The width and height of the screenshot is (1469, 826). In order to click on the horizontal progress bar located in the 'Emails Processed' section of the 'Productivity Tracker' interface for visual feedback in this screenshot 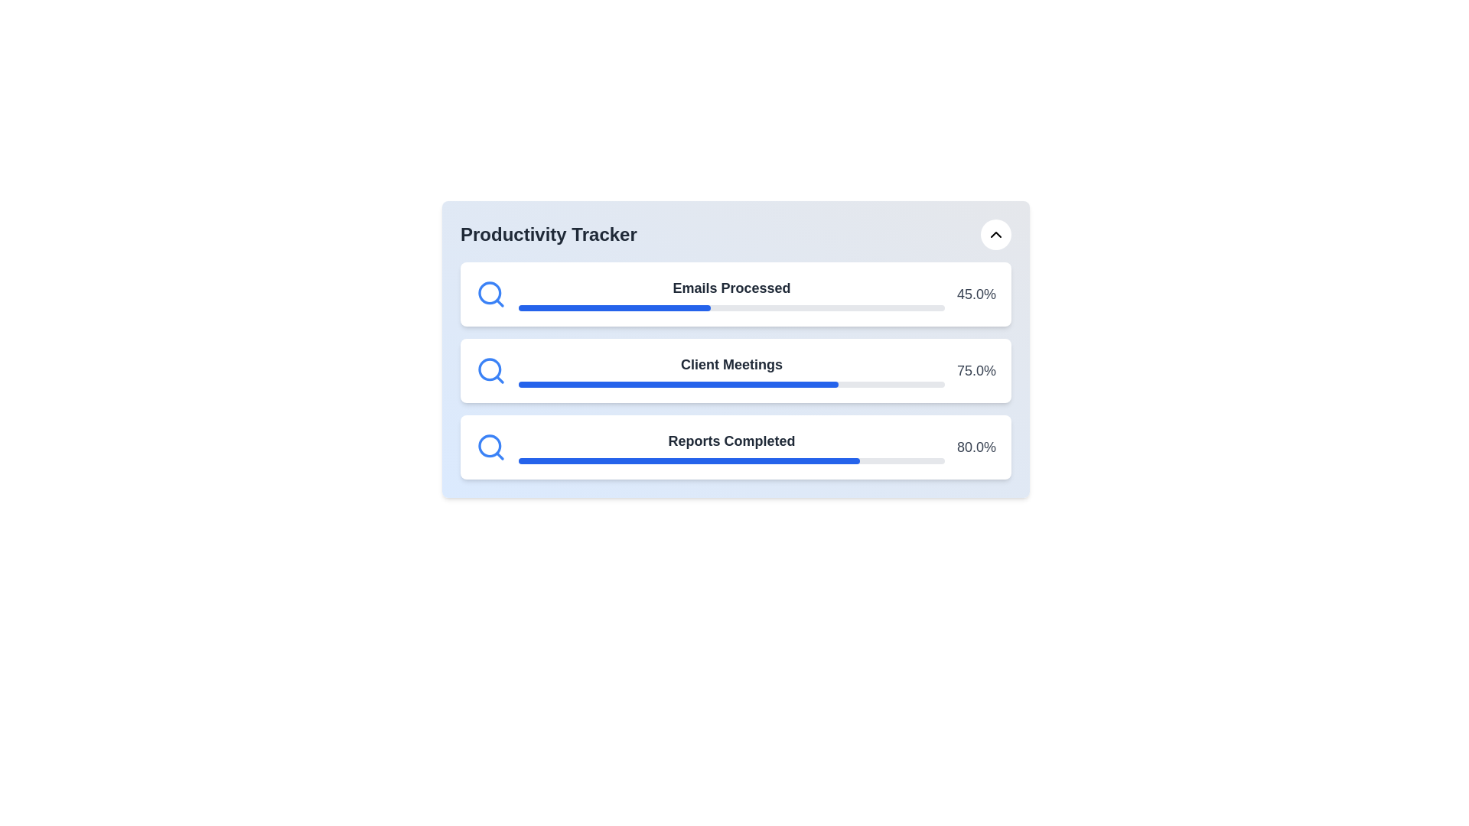, I will do `click(731, 307)`.